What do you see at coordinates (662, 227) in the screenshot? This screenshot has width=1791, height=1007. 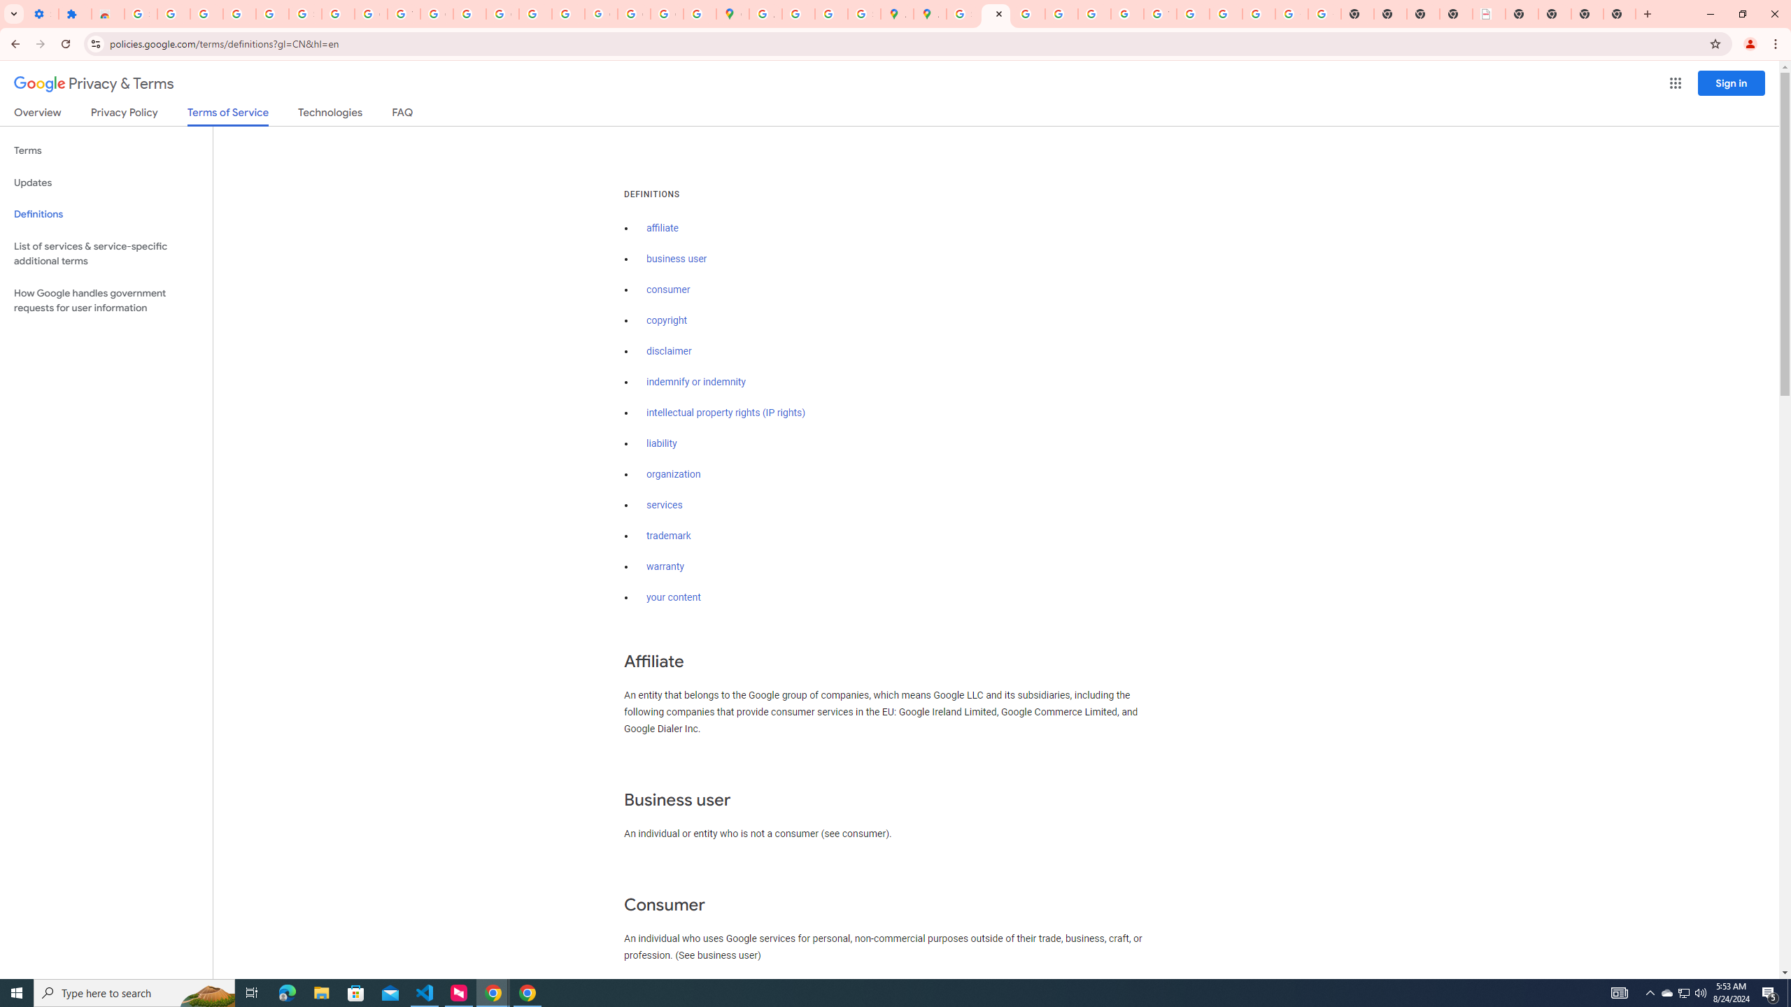 I see `'affiliate'` at bounding box center [662, 227].